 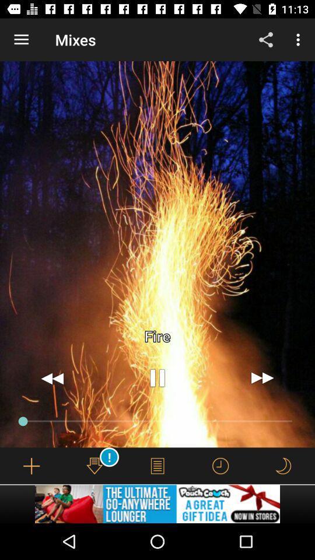 I want to click on the av_forward icon, so click(x=262, y=377).